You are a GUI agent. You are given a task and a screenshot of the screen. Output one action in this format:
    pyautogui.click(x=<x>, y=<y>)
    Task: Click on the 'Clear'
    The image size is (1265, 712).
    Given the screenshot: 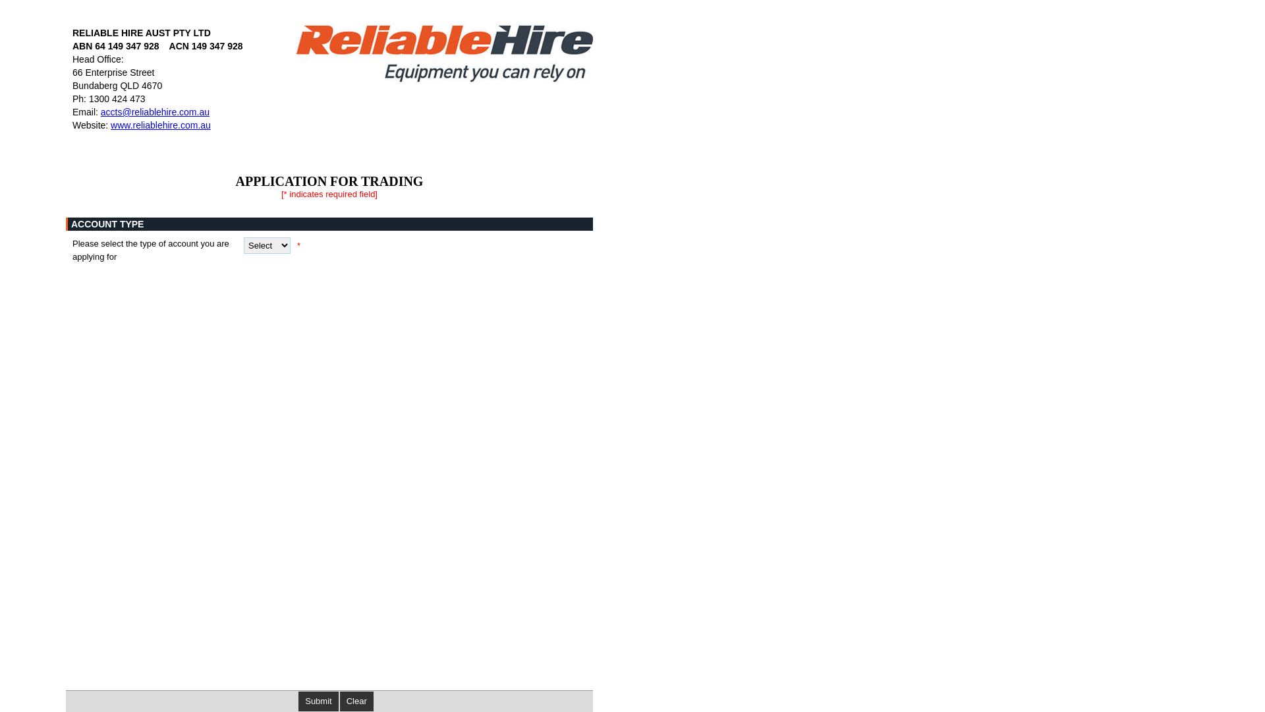 What is the action you would take?
    pyautogui.click(x=356, y=701)
    